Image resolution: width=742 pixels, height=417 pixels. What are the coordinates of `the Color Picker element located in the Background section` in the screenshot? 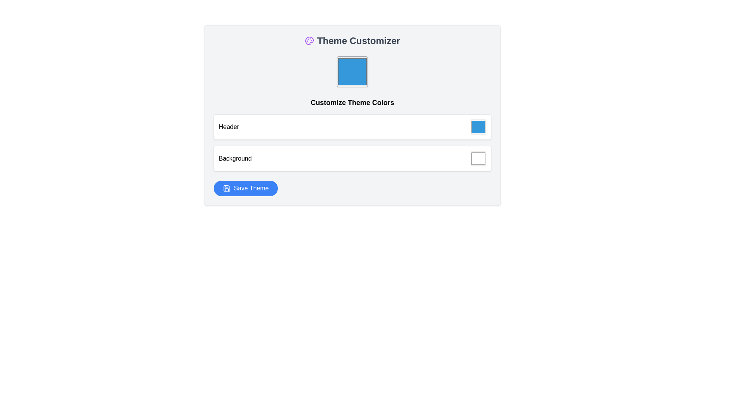 It's located at (478, 158).